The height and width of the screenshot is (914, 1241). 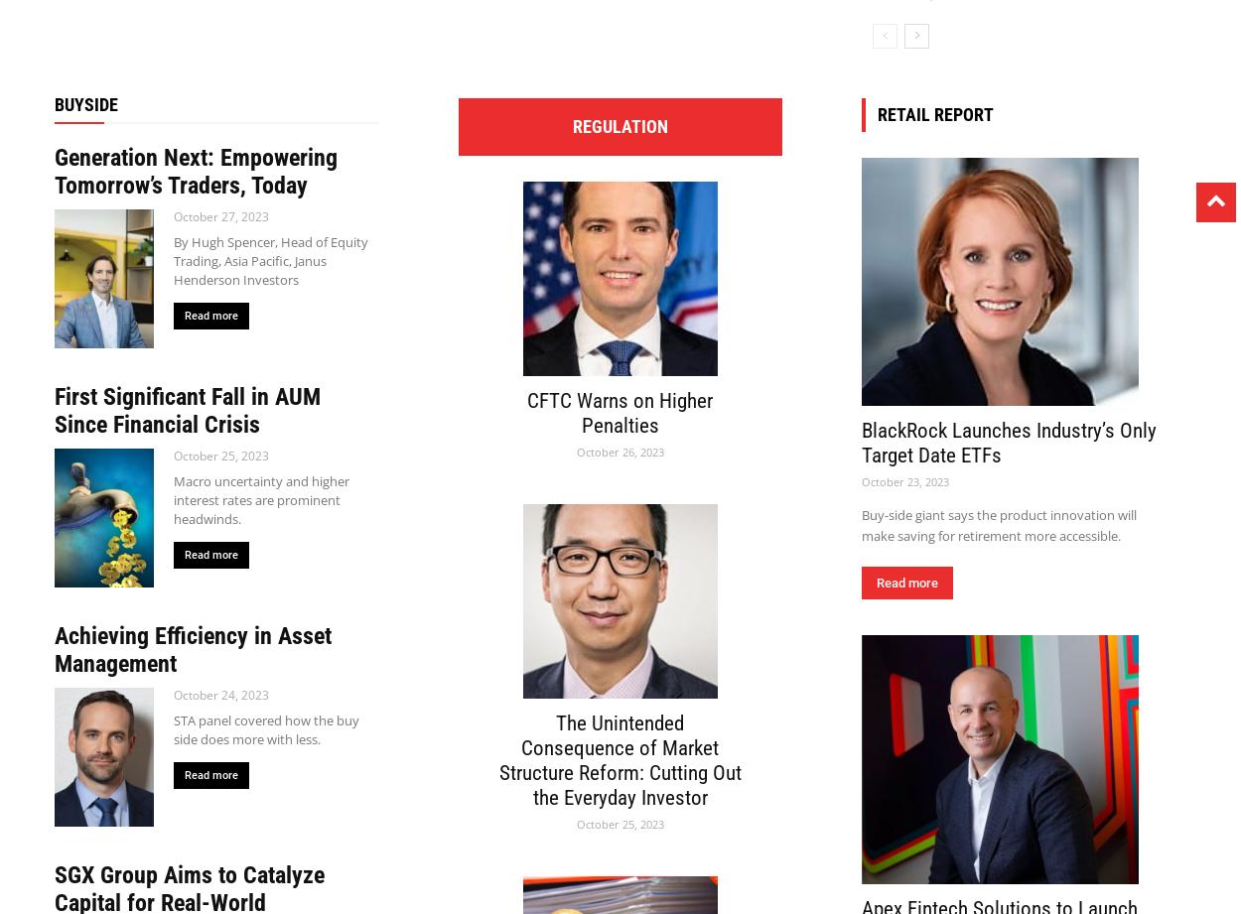 I want to click on 'By Hugh Spencer, Head of Equity Trading, Asia Pacific, Janus Henderson Investors', so click(x=174, y=259).